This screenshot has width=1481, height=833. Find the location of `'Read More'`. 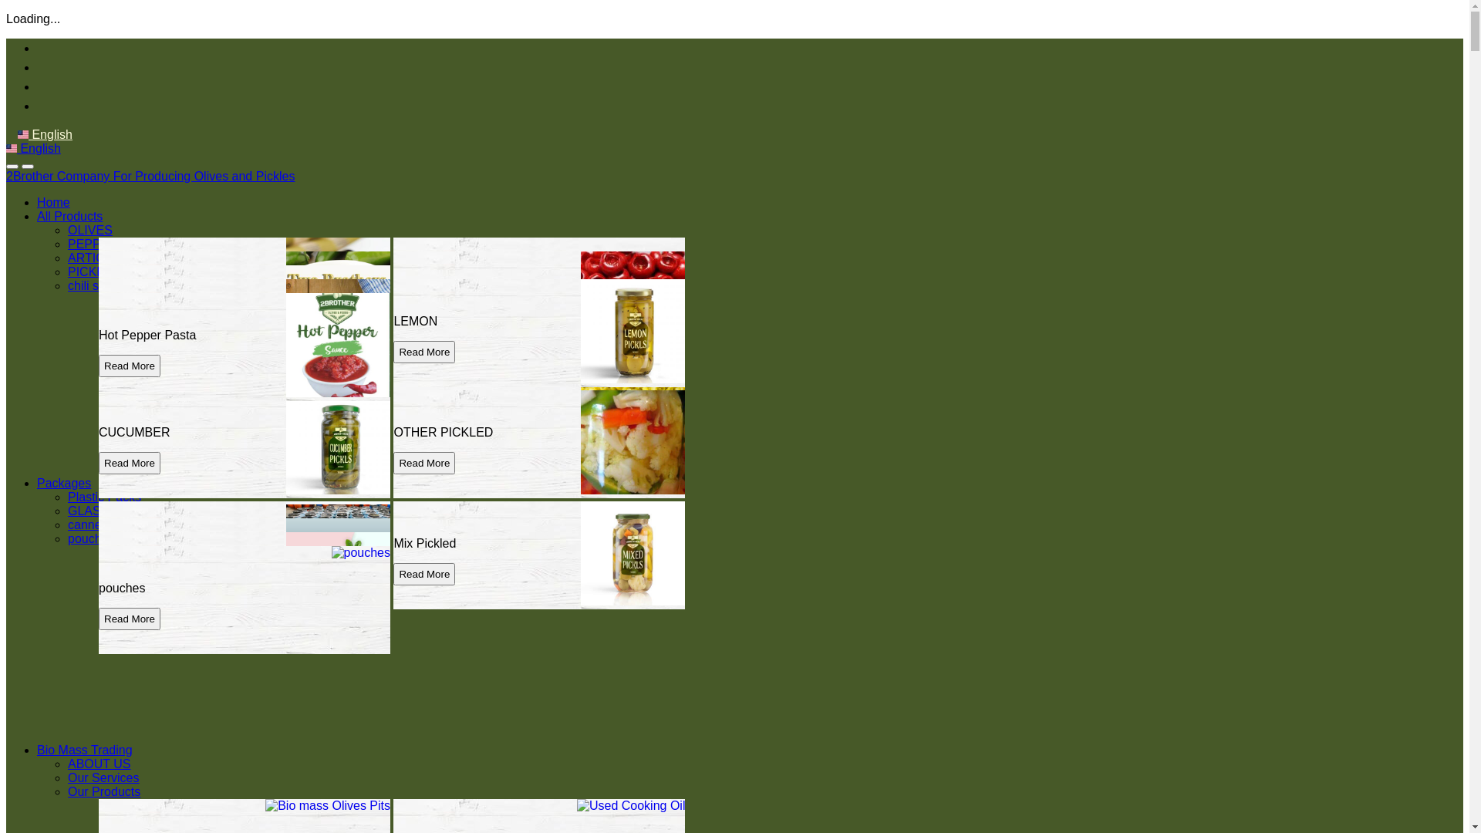

'Read More' is located at coordinates (130, 604).